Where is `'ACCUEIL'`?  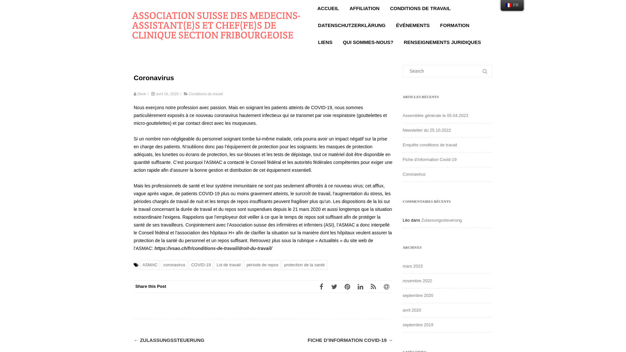 'ACCUEIL' is located at coordinates (328, 8).